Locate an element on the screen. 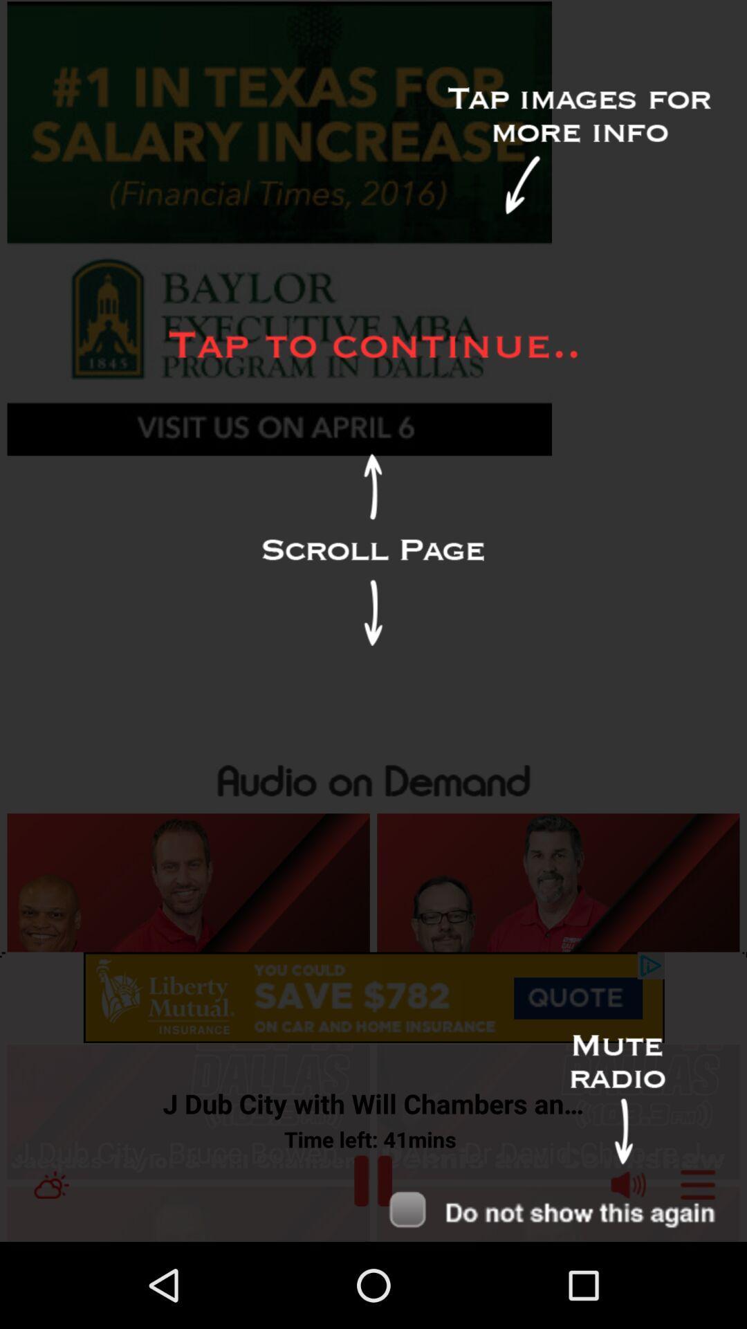  the text  which says audio on demand is located at coordinates (373, 777).